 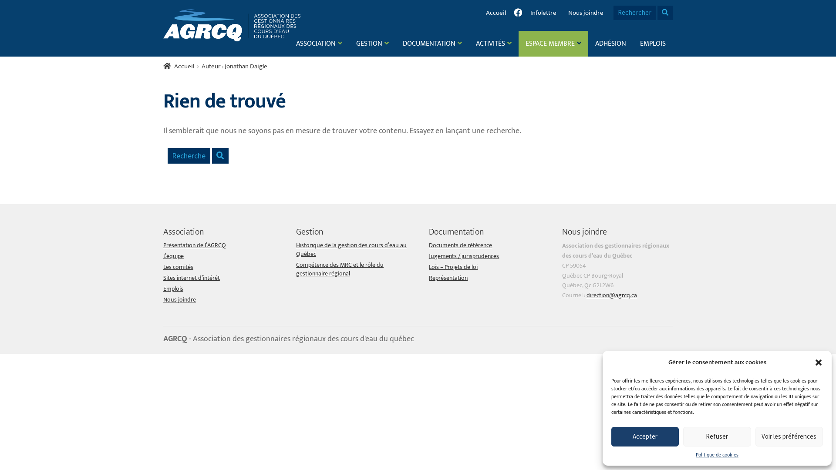 I want to click on 'Facebook', so click(x=518, y=13).